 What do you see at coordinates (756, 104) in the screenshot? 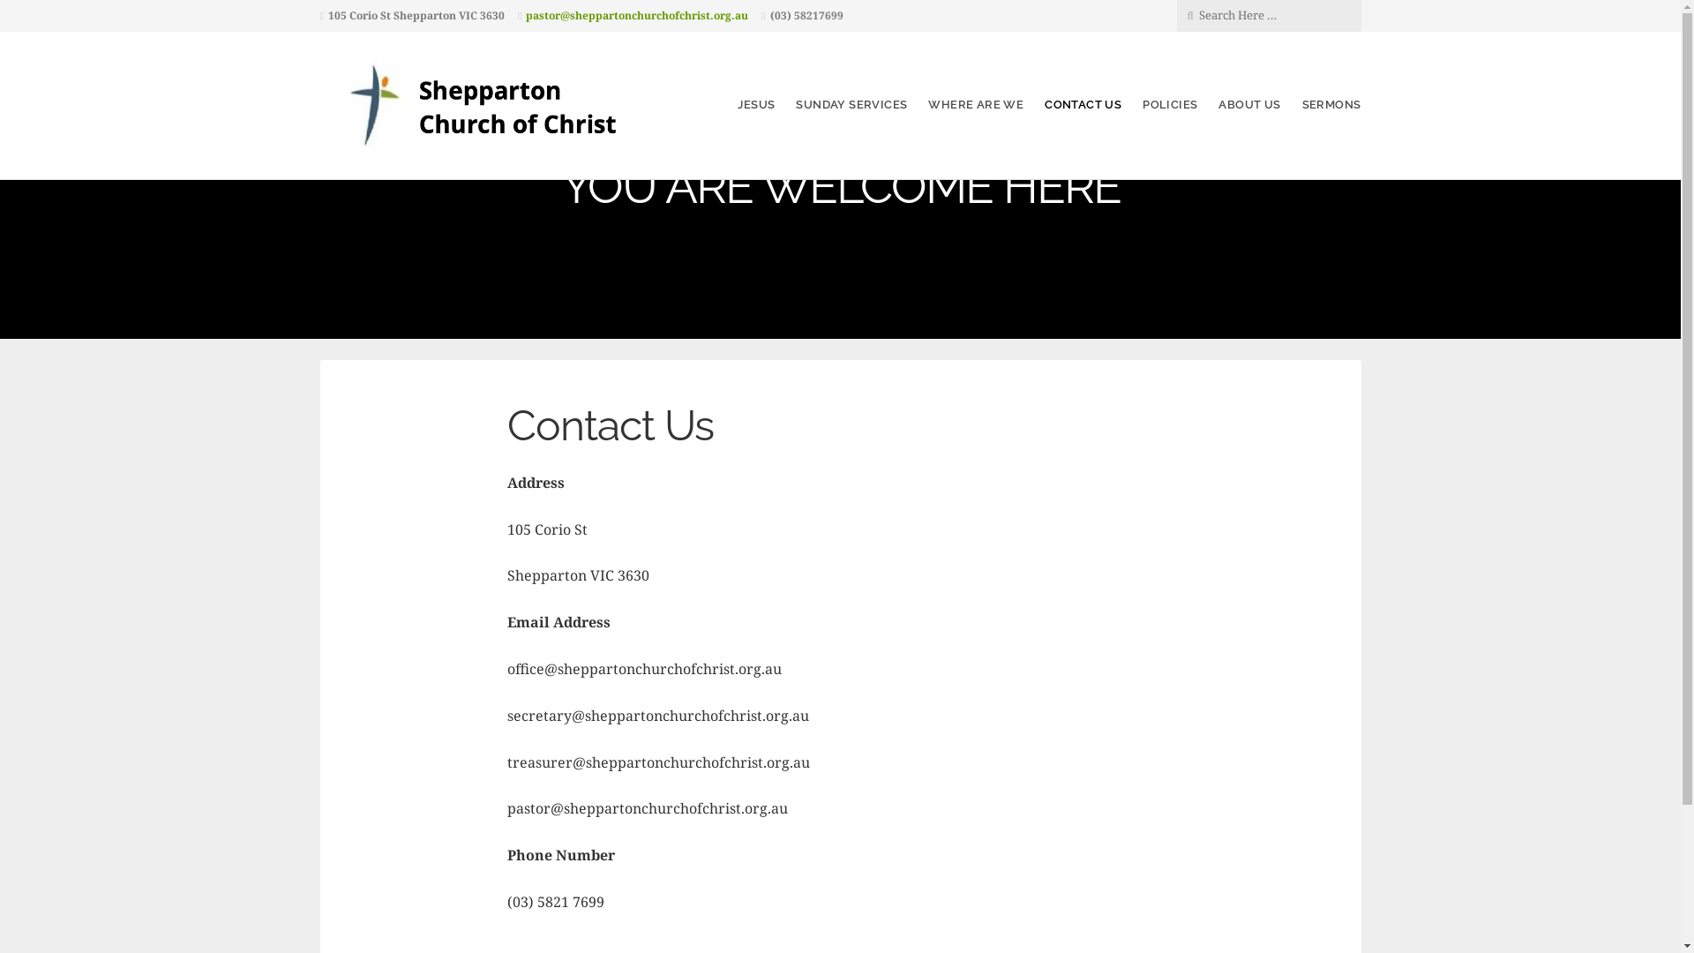
I see `'JESUS'` at bounding box center [756, 104].